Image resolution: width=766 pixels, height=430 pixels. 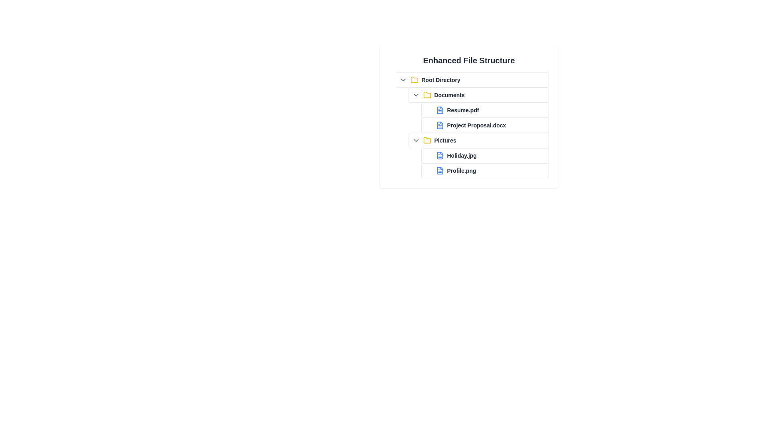 What do you see at coordinates (426, 140) in the screenshot?
I see `the outlined yellowish folder icon located to the left of the 'Pictures' label in the second folder under the 'Root Directory'` at bounding box center [426, 140].